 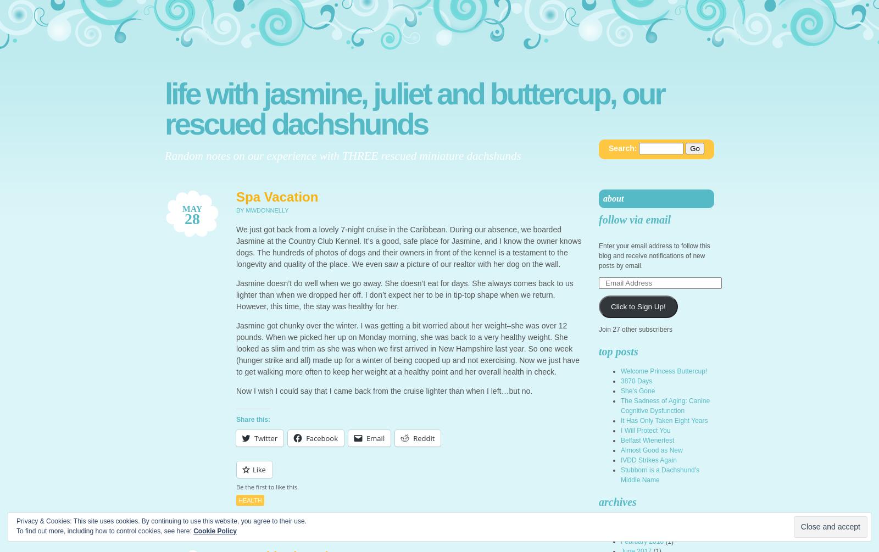 I want to click on 'Almost Good as New', so click(x=651, y=450).